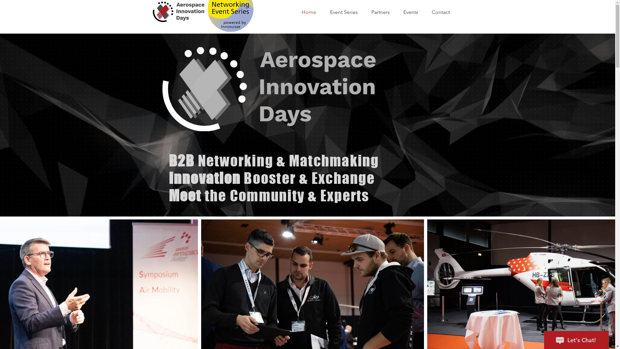 The image size is (620, 349). I want to click on 'Original on Transparent.png', so click(268, 89).